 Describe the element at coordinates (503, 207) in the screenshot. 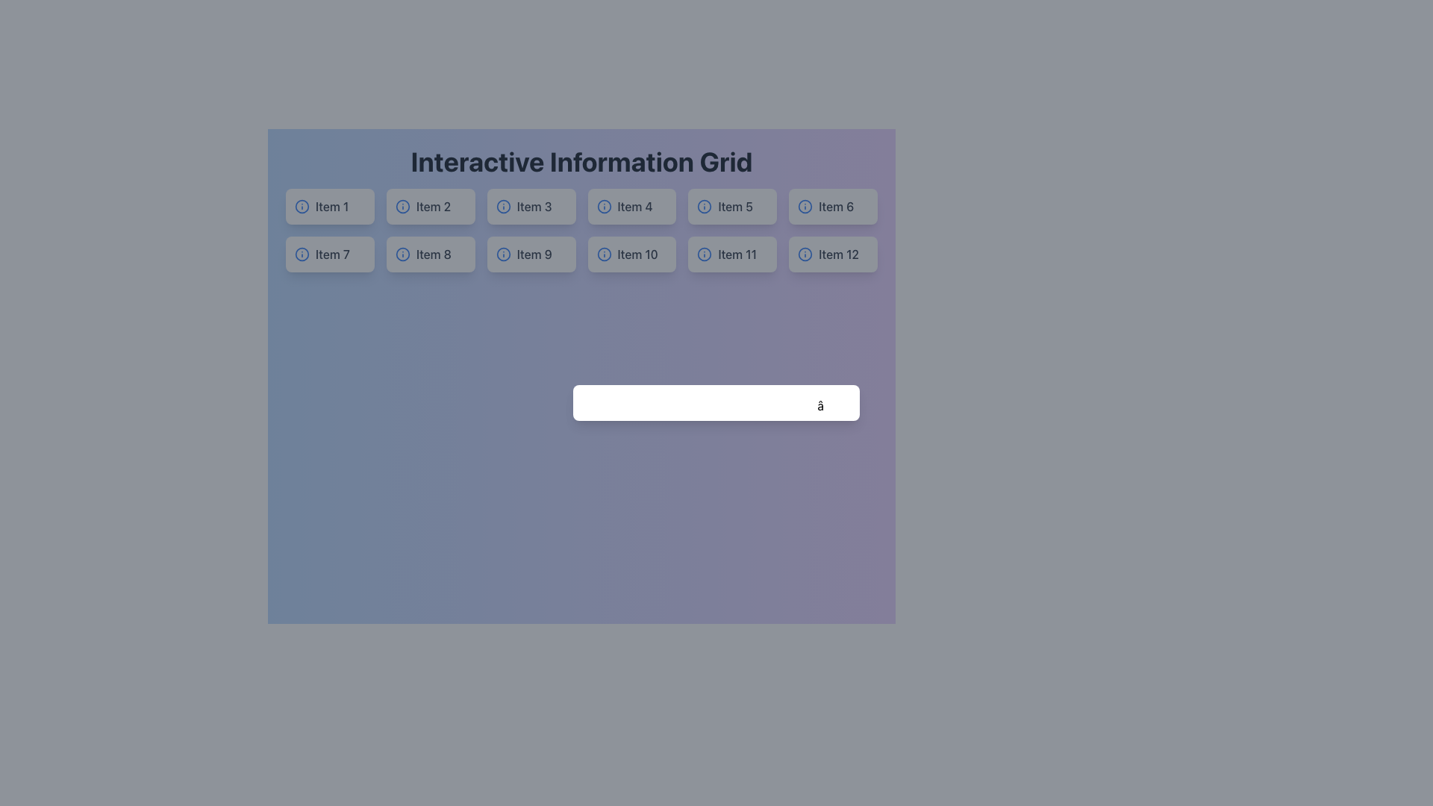

I see `the circle component of the 'info' icon located within the 'Item 3' button in the 'Interactive Information Grid'` at that location.